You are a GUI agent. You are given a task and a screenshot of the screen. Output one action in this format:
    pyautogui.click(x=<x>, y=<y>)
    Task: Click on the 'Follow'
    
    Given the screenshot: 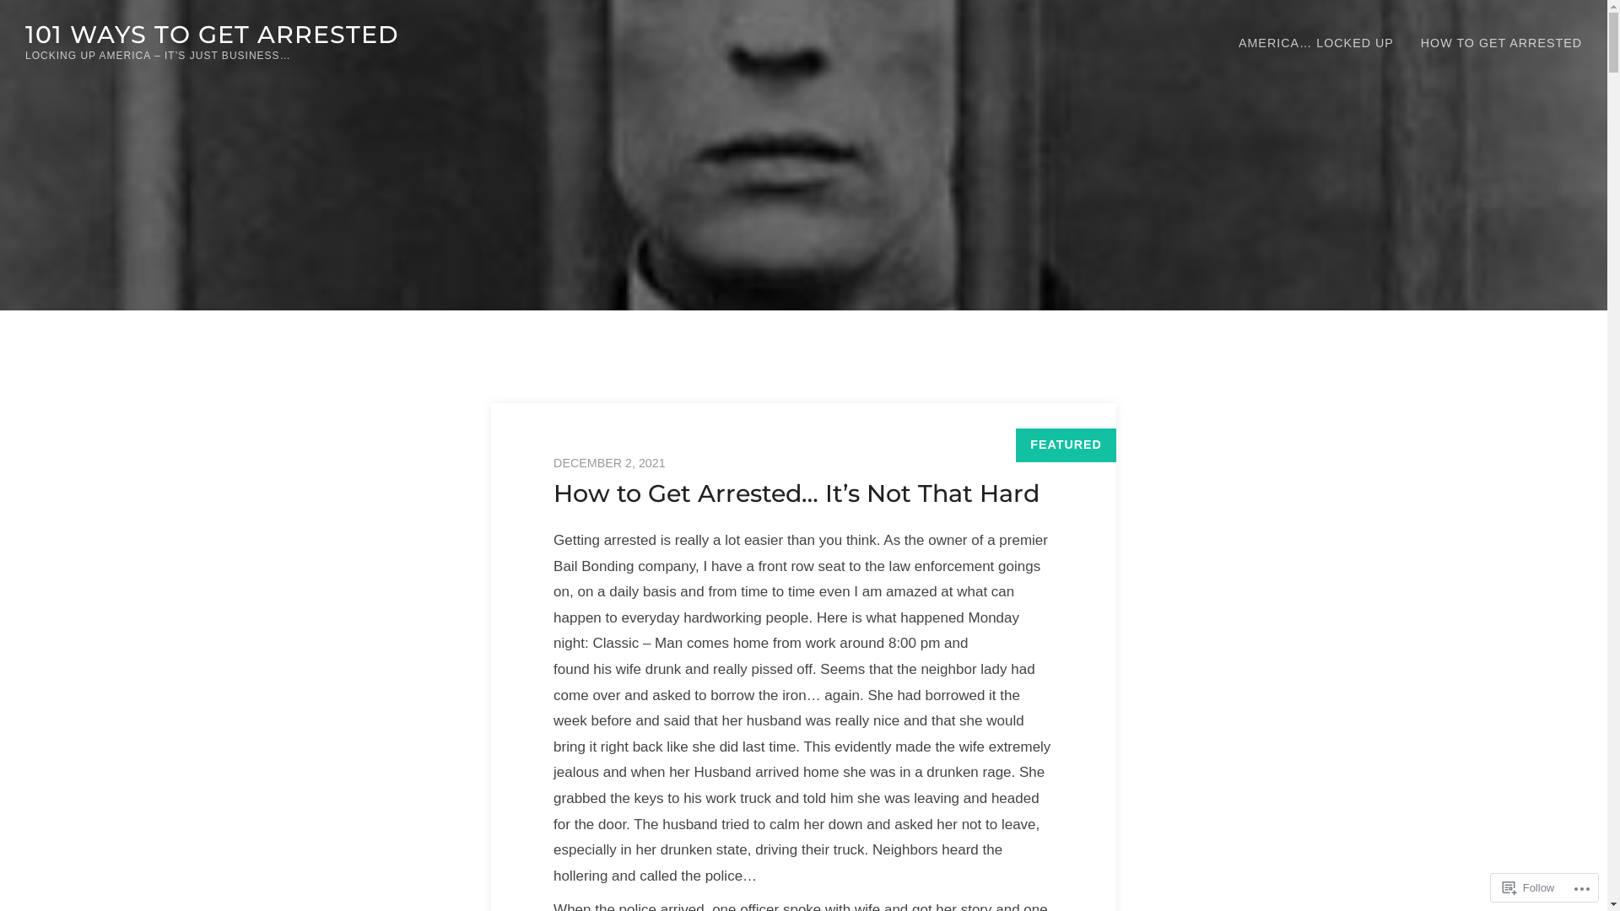 What is the action you would take?
    pyautogui.click(x=1529, y=887)
    